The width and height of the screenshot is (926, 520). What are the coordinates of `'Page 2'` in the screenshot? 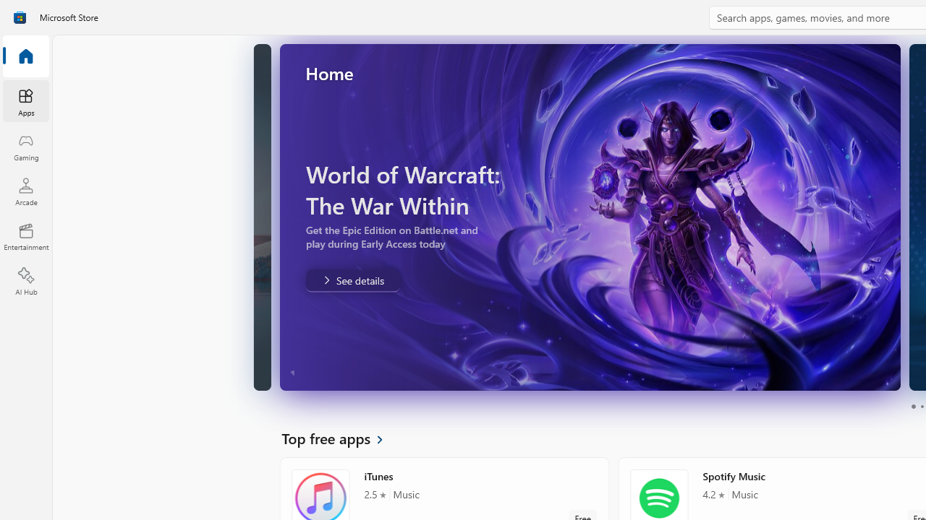 It's located at (921, 407).